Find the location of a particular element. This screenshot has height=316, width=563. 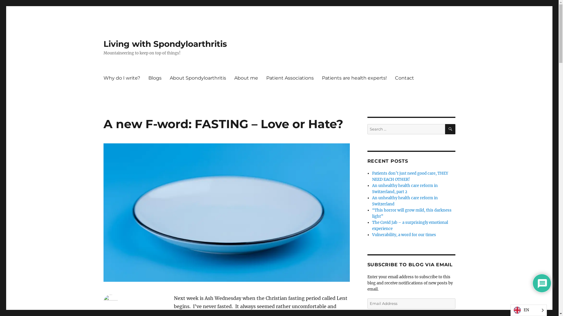

'Blogs' is located at coordinates (155, 78).